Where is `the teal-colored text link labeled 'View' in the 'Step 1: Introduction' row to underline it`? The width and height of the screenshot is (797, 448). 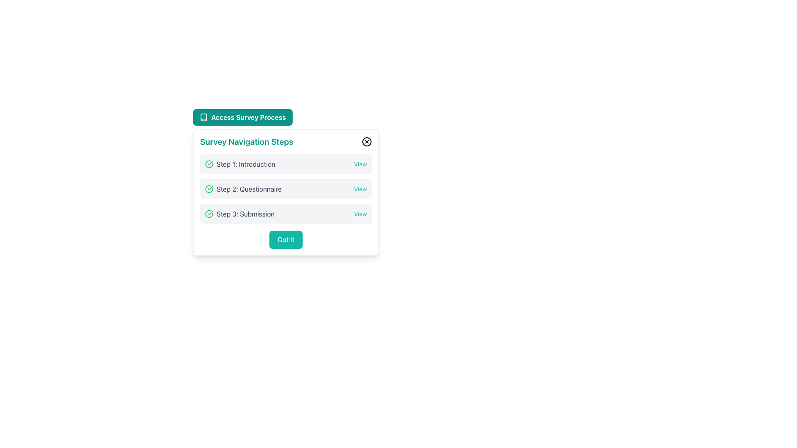 the teal-colored text link labeled 'View' in the 'Step 1: Introduction' row to underline it is located at coordinates (360, 164).